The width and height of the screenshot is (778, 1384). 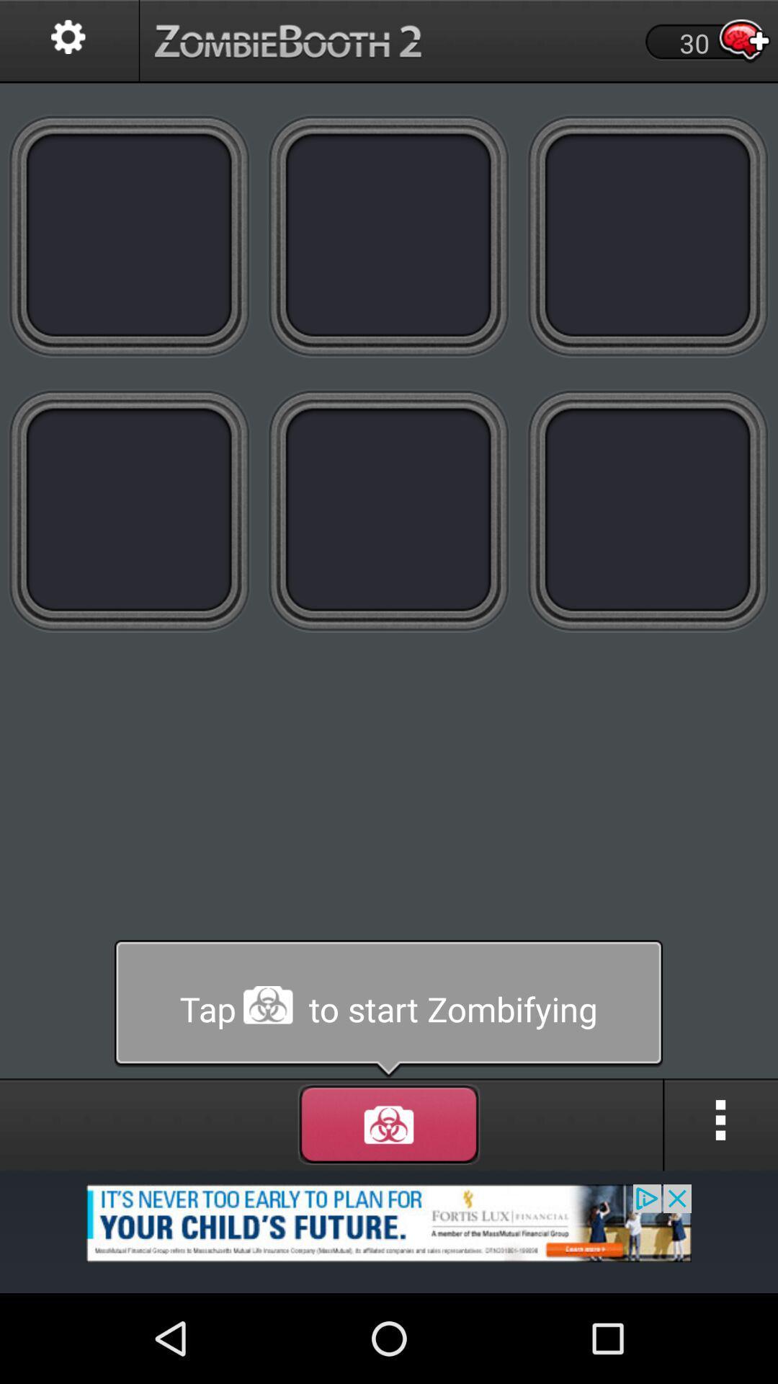 I want to click on plank page, so click(x=647, y=510).